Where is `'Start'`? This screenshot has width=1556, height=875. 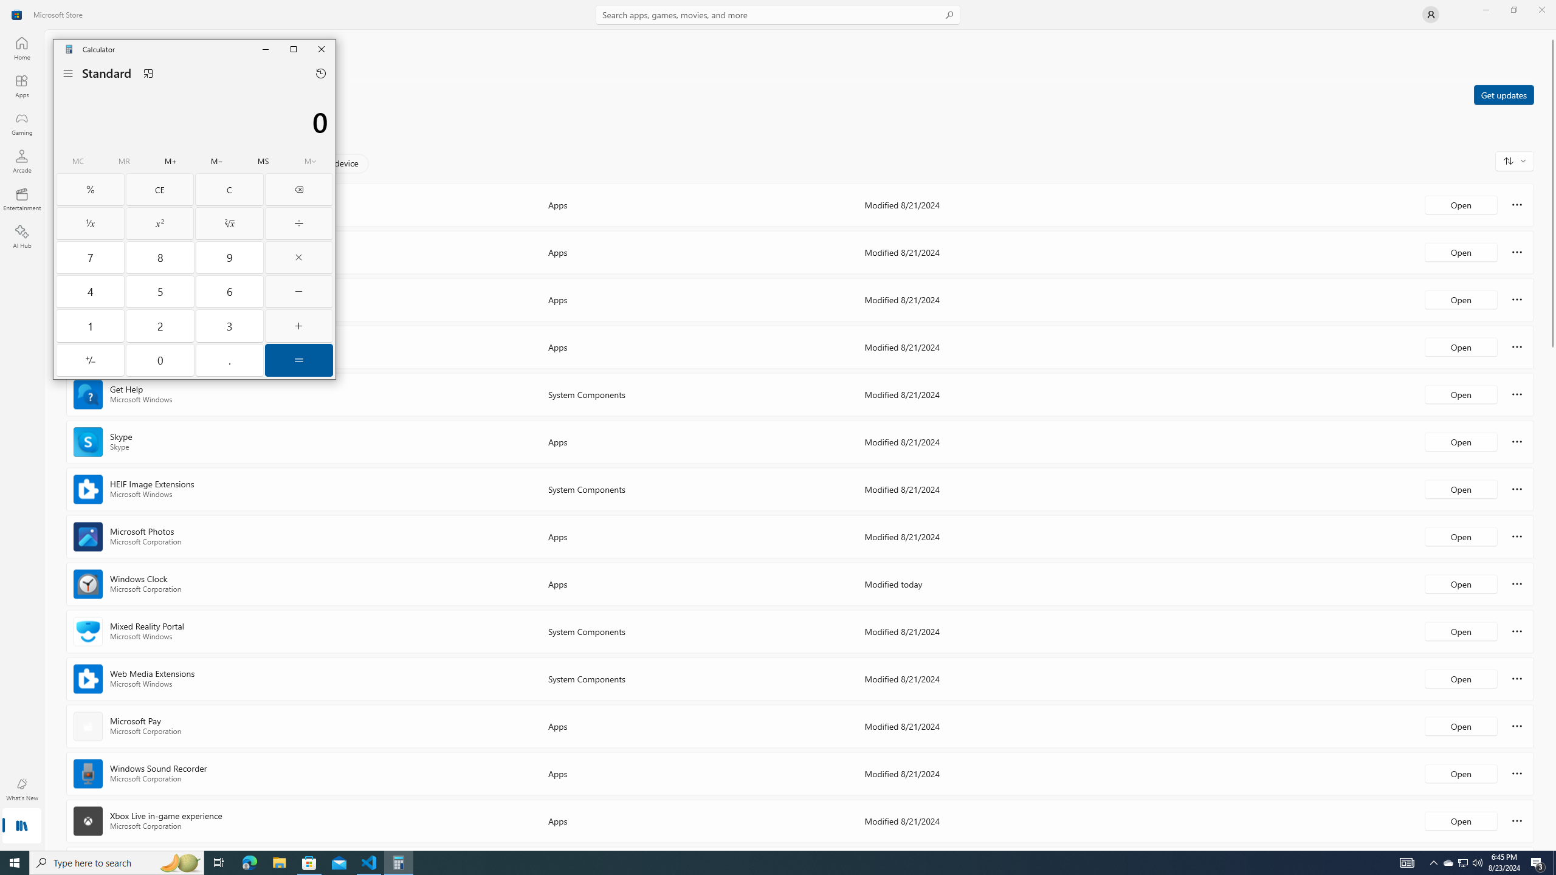 'Start' is located at coordinates (15, 862).